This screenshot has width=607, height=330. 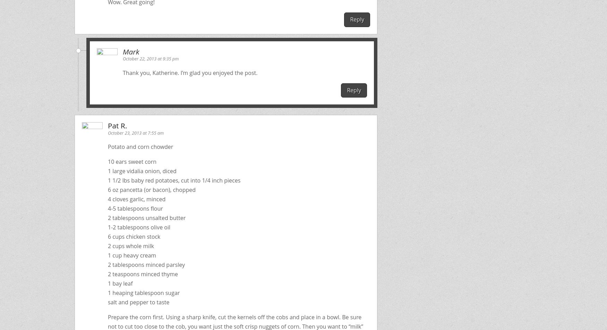 I want to click on '4 cloves garlic, minced', so click(x=136, y=199).